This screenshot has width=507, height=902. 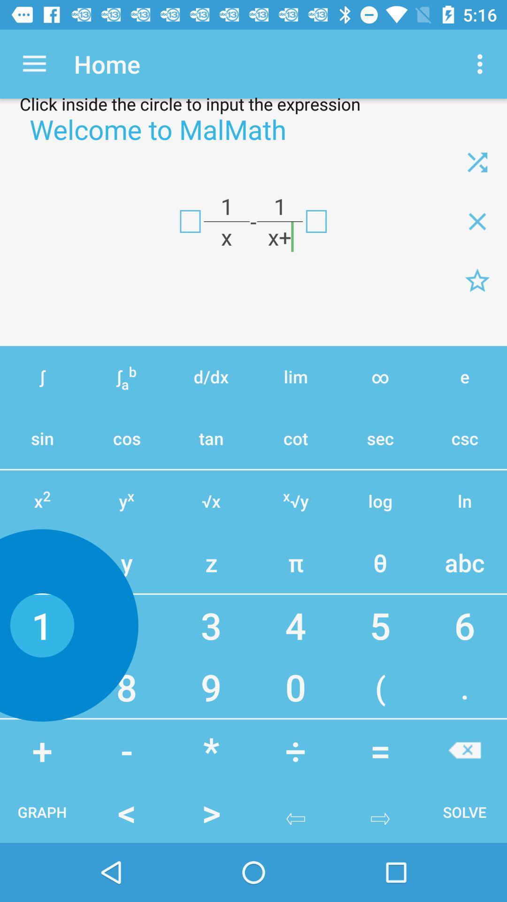 What do you see at coordinates (465, 750) in the screenshot?
I see `button` at bounding box center [465, 750].